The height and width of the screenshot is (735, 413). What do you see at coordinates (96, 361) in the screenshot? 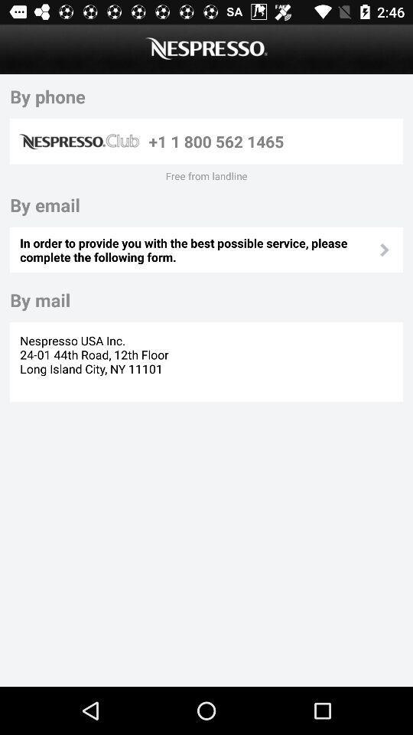
I see `the nespresso usa inc icon` at bounding box center [96, 361].